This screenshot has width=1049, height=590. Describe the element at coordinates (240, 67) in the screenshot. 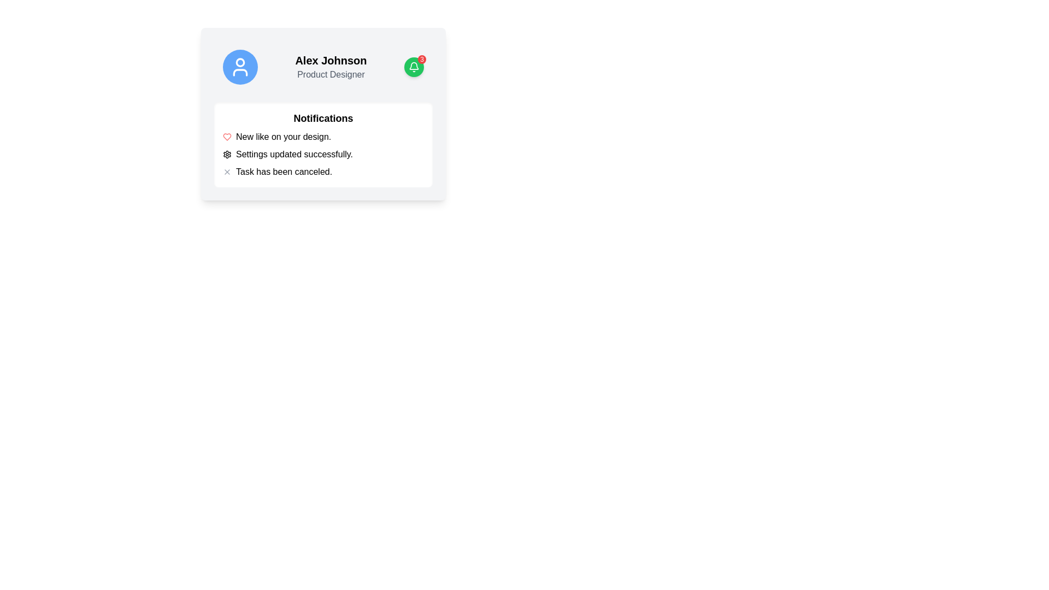

I see `the Profile Icon located in the top-left corner of the user profile card layout` at that location.